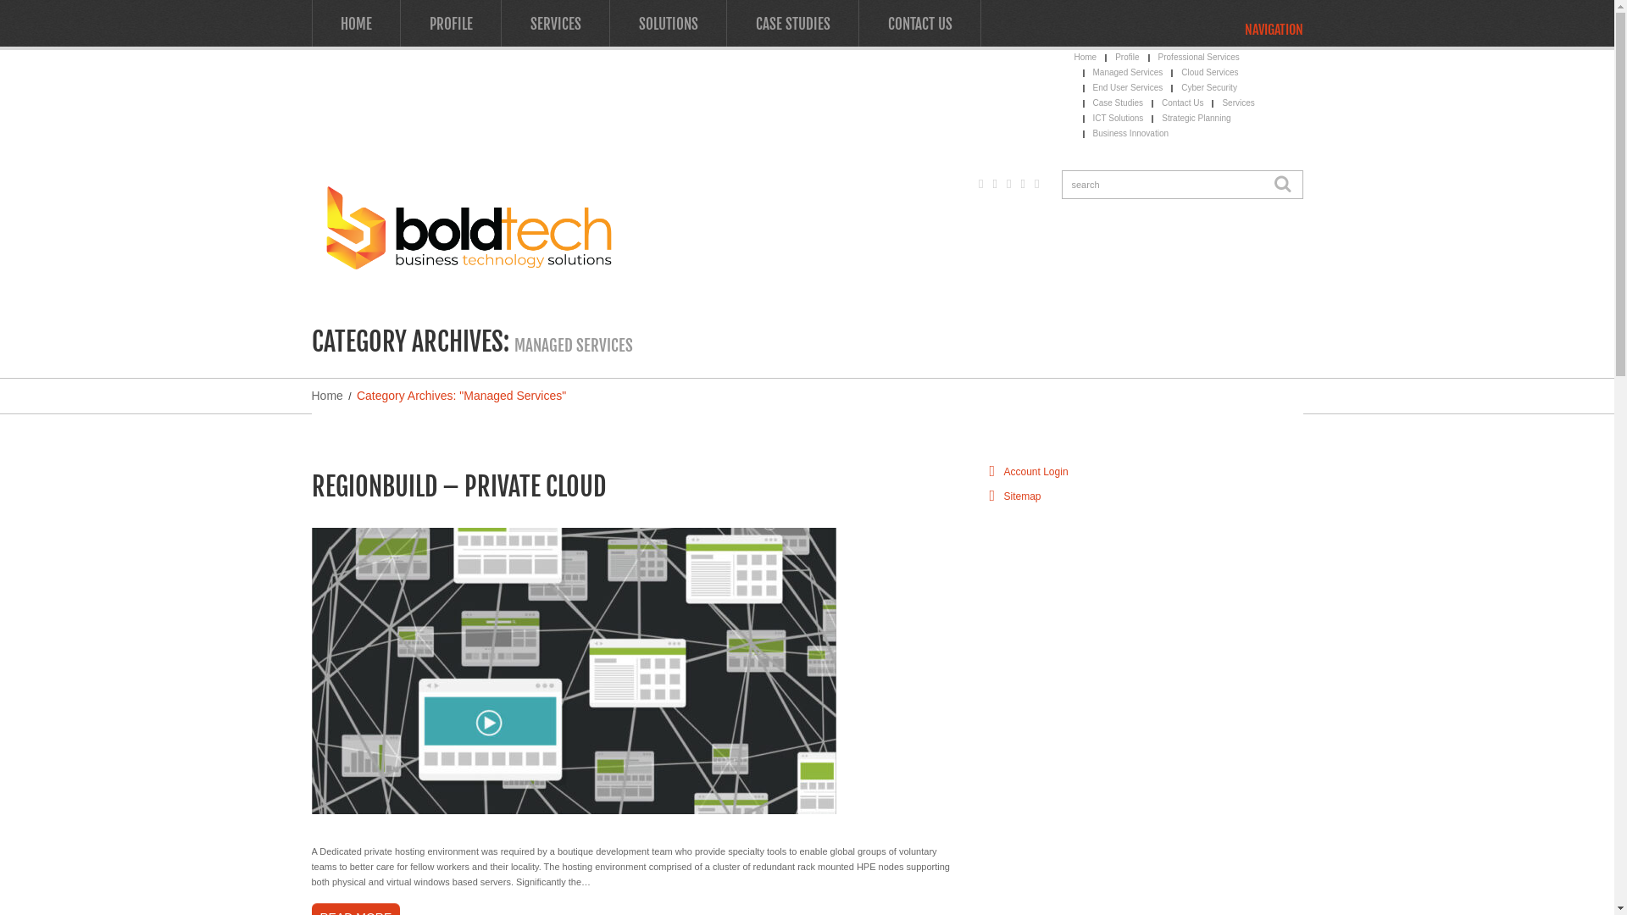 This screenshot has height=915, width=1627. I want to click on 'Case Studies', so click(1118, 103).